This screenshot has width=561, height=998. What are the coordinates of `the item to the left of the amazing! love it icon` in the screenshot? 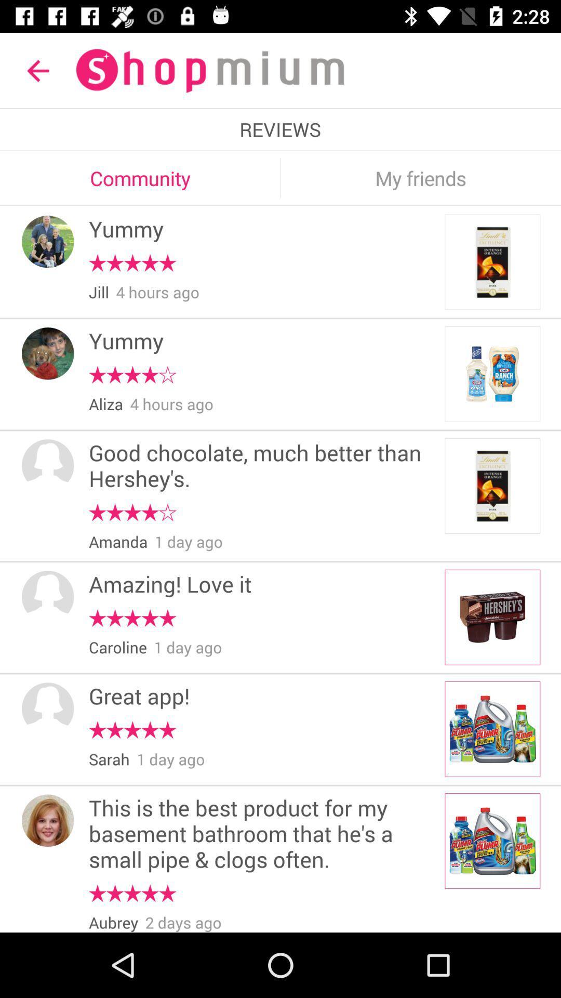 It's located at (48, 597).